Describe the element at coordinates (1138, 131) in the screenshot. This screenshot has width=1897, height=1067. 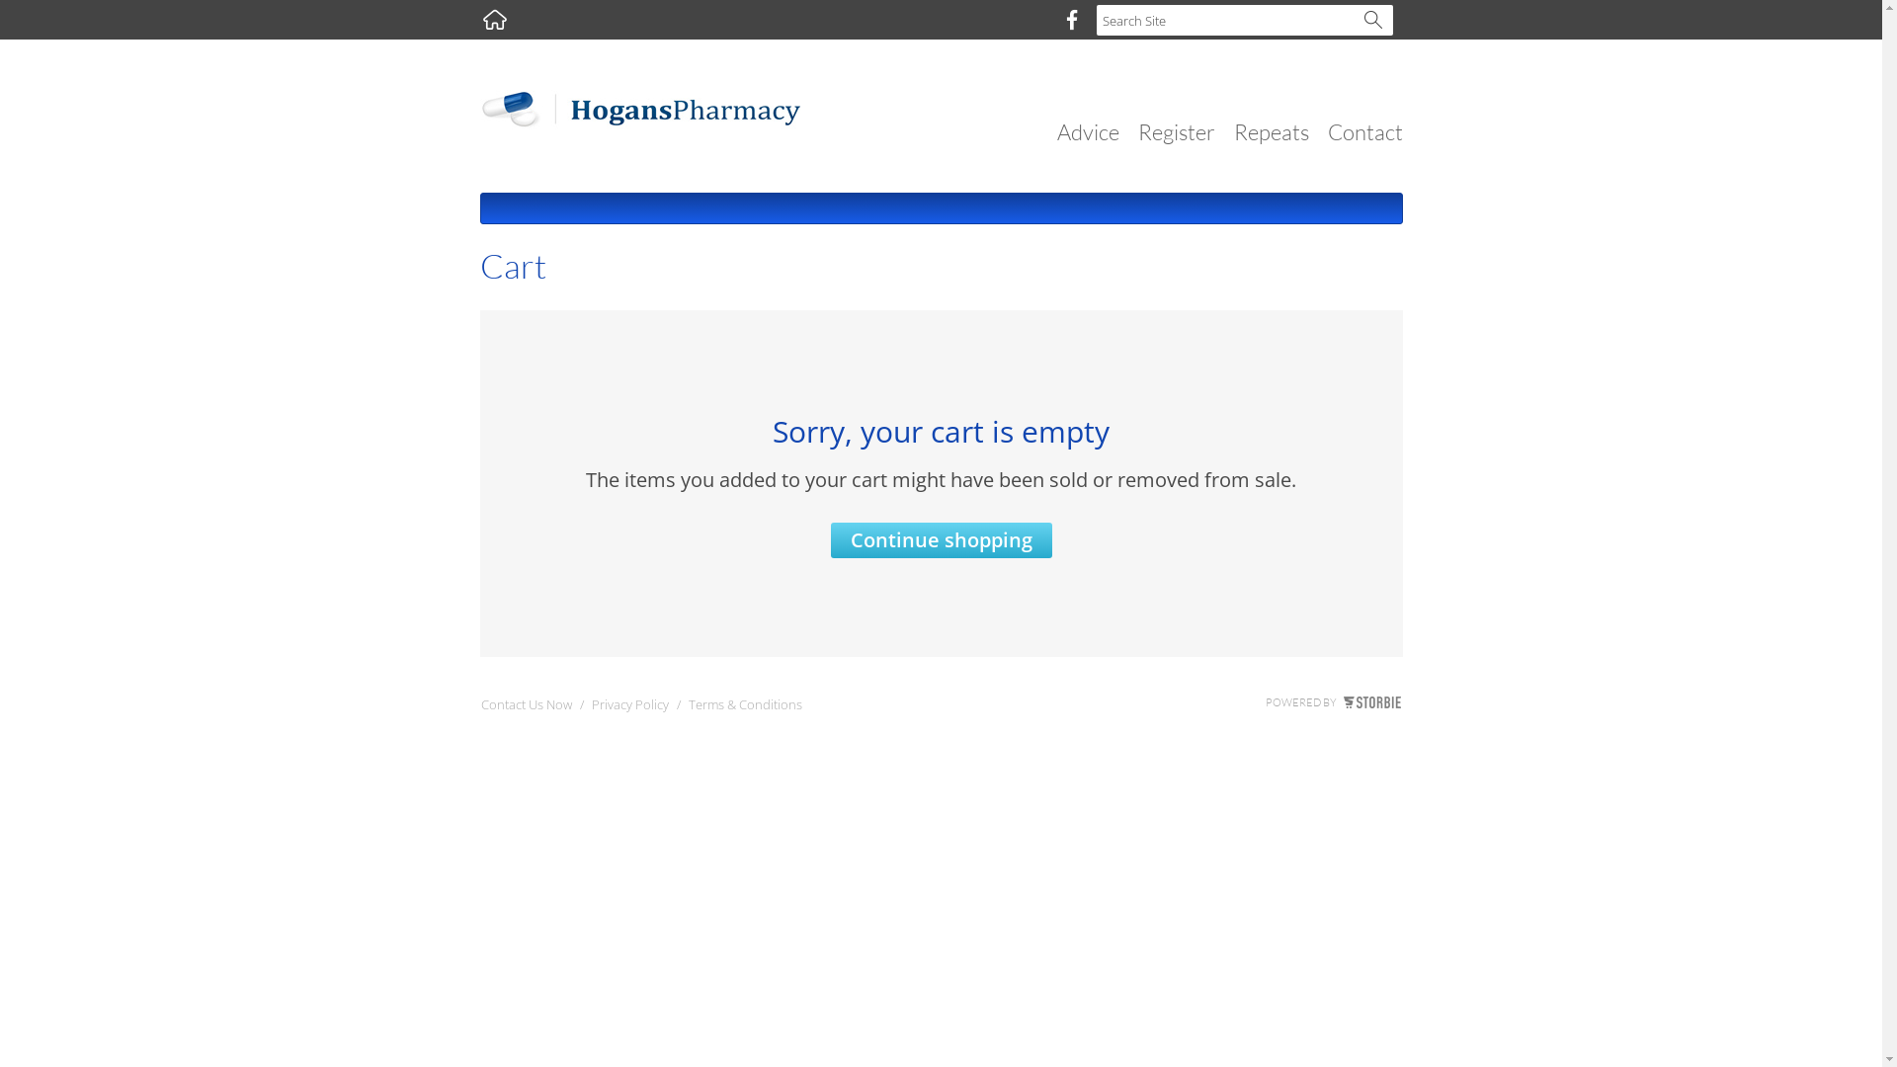
I see `'Register'` at that location.